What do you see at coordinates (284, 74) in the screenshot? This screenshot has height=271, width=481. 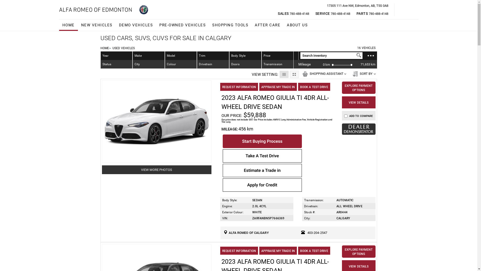 I see `'Listing View'` at bounding box center [284, 74].